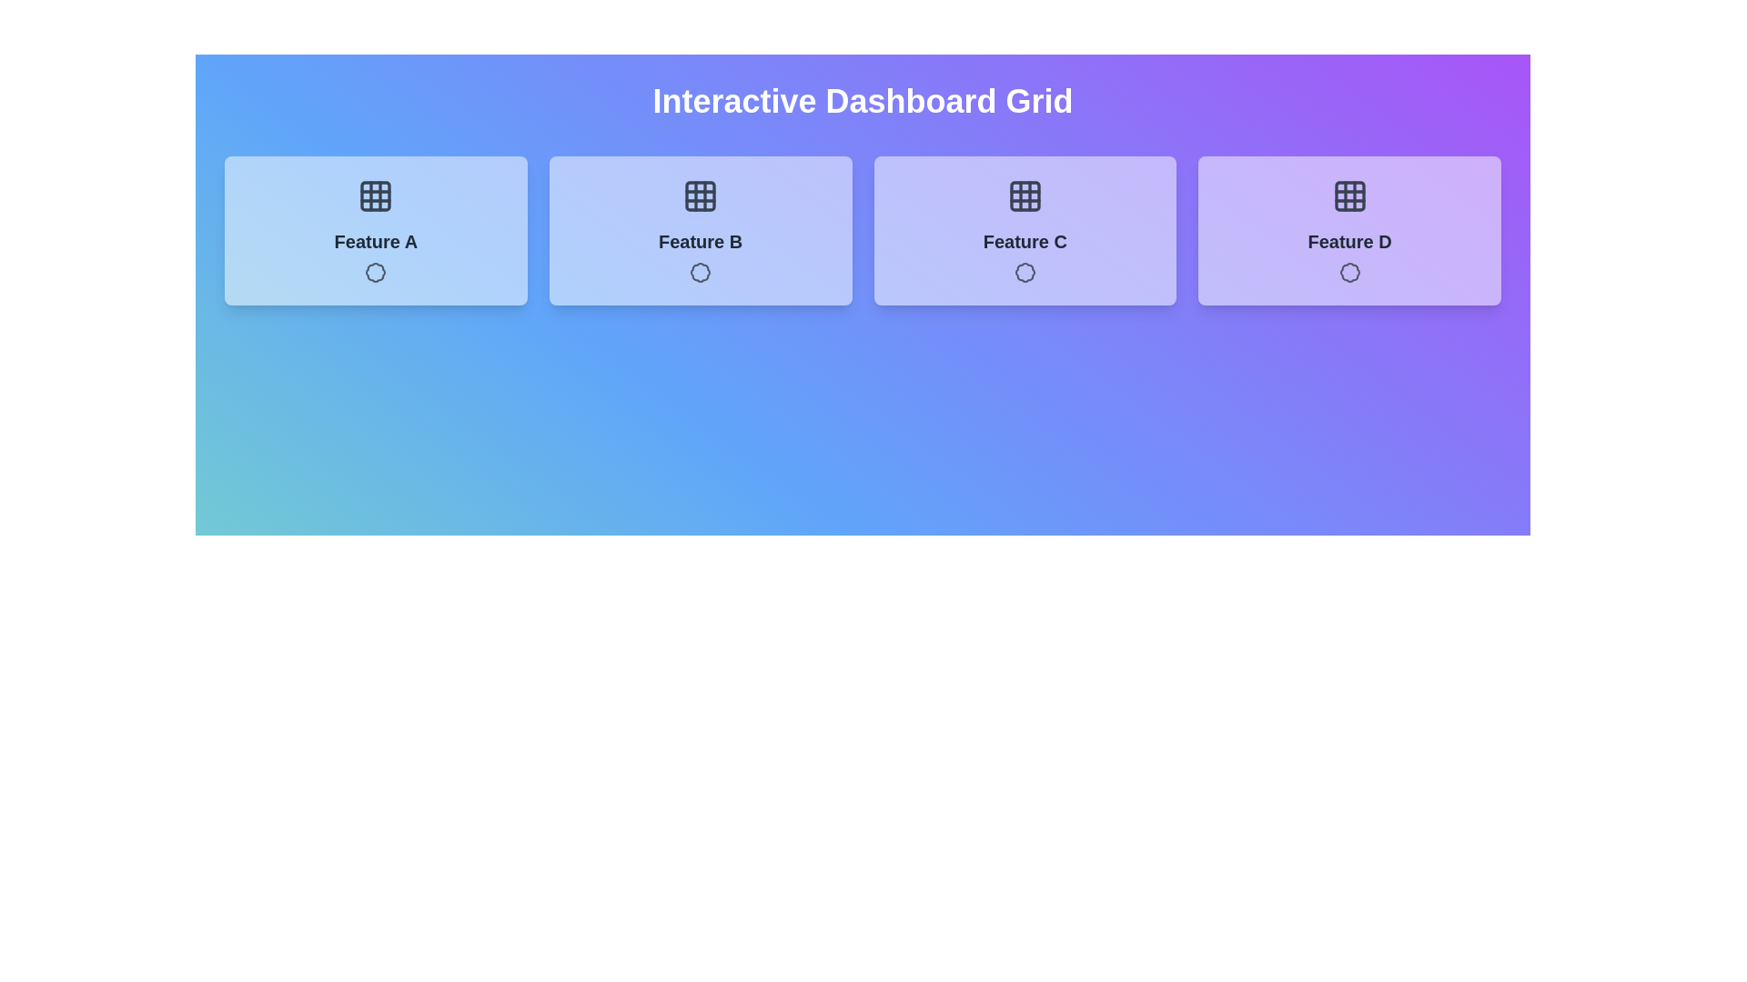 This screenshot has height=982, width=1747. What do you see at coordinates (375, 273) in the screenshot?
I see `the icon or graphical symbol associated with the card labeled 'Feature A', which is located in the bottom central portion of the card directly below the card title` at bounding box center [375, 273].